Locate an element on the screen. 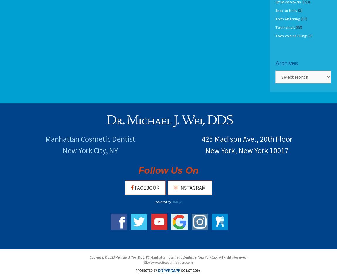 The width and height of the screenshot is (337, 279). 'Archives' is located at coordinates (275, 63).